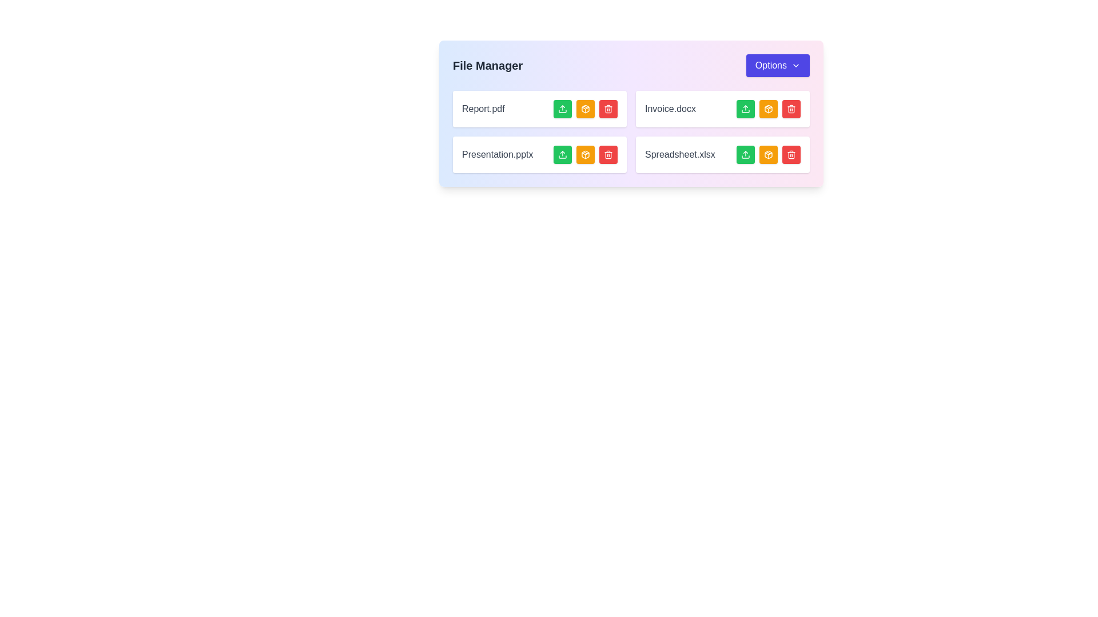 The image size is (1098, 617). Describe the element at coordinates (483, 109) in the screenshot. I see `the static text label displaying 'Report.pdf', which is located within a white, rounded rectangle and is the first text in the top row of file entry listings` at that location.